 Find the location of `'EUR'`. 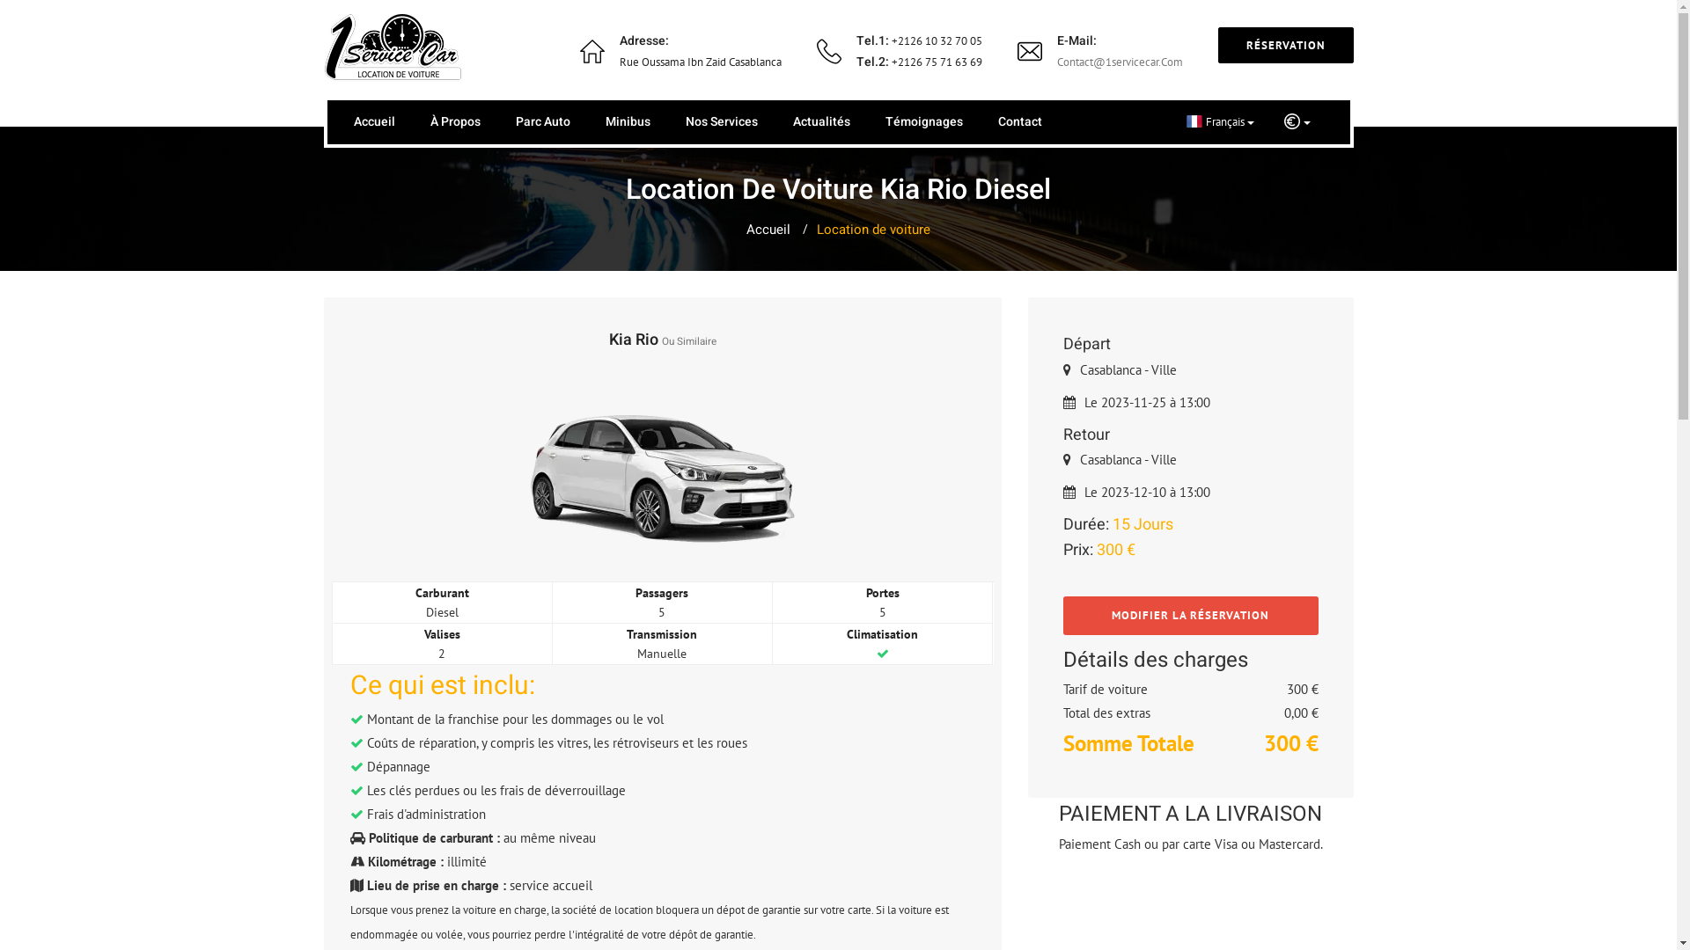

'EUR' is located at coordinates (1297, 121).